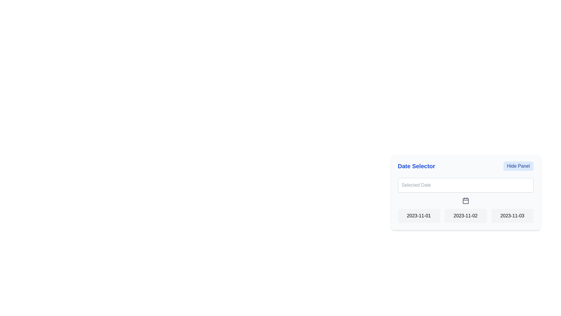  I want to click on the inner rectangle element of the calendar icon, which is styled with a white background and gray outline, positioned centrally under the 'Selected Date' input field, so click(465, 200).